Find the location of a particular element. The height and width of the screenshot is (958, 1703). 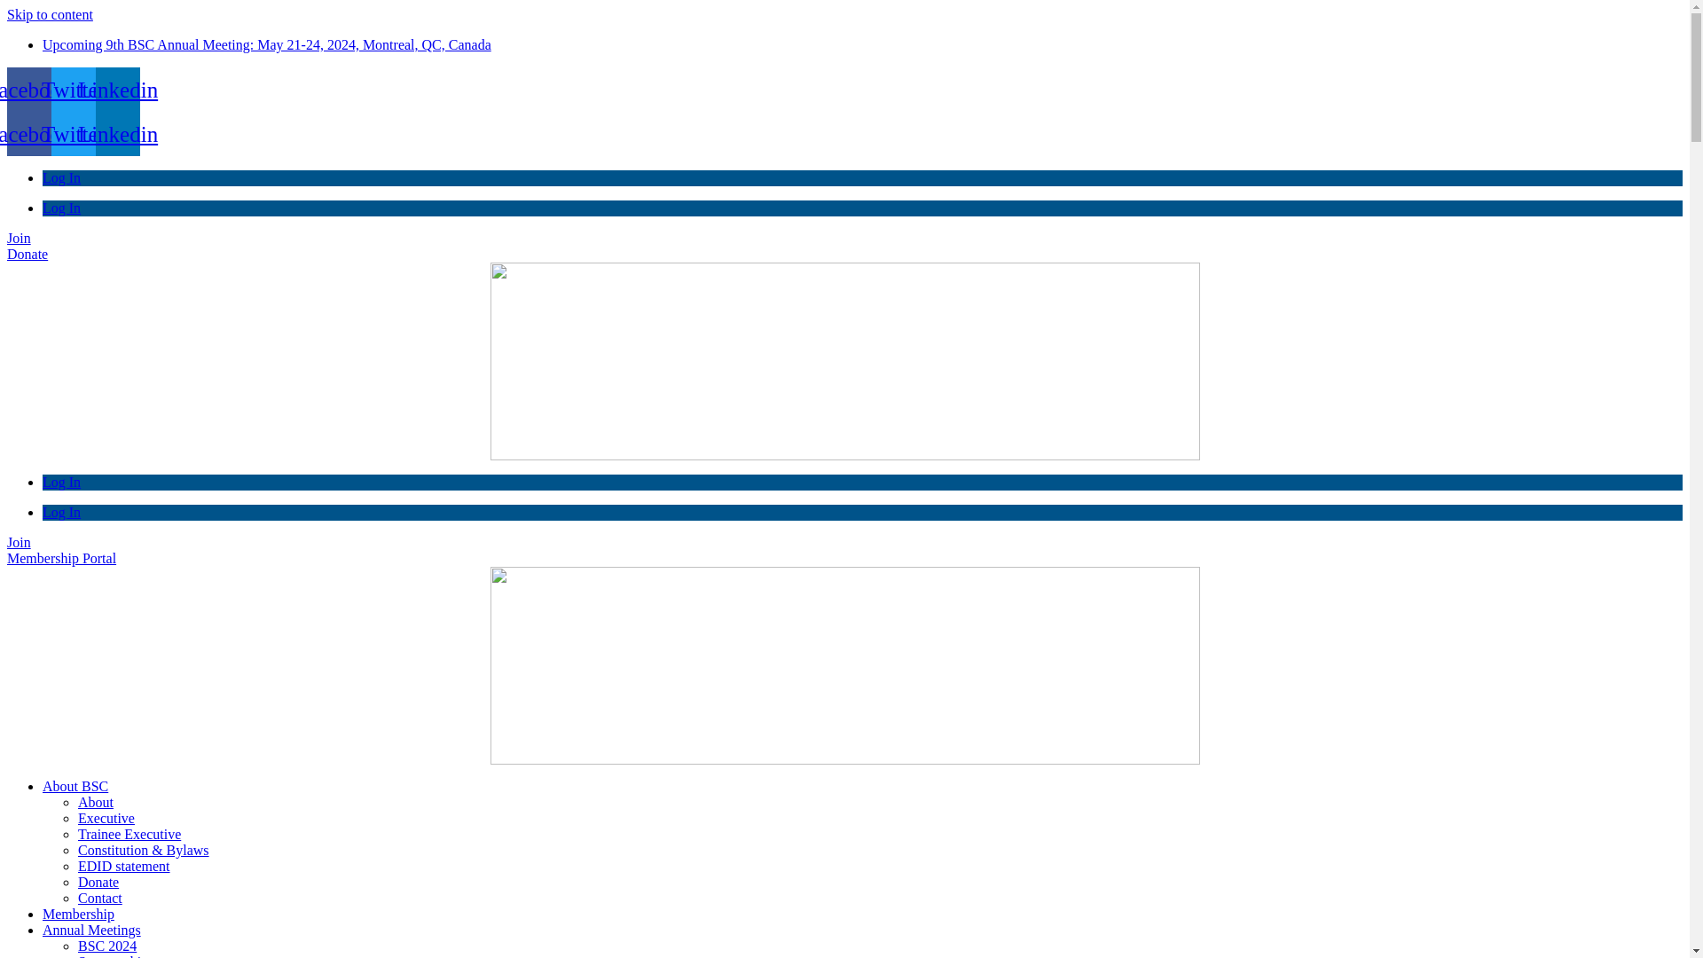

'Membership' is located at coordinates (77, 914).